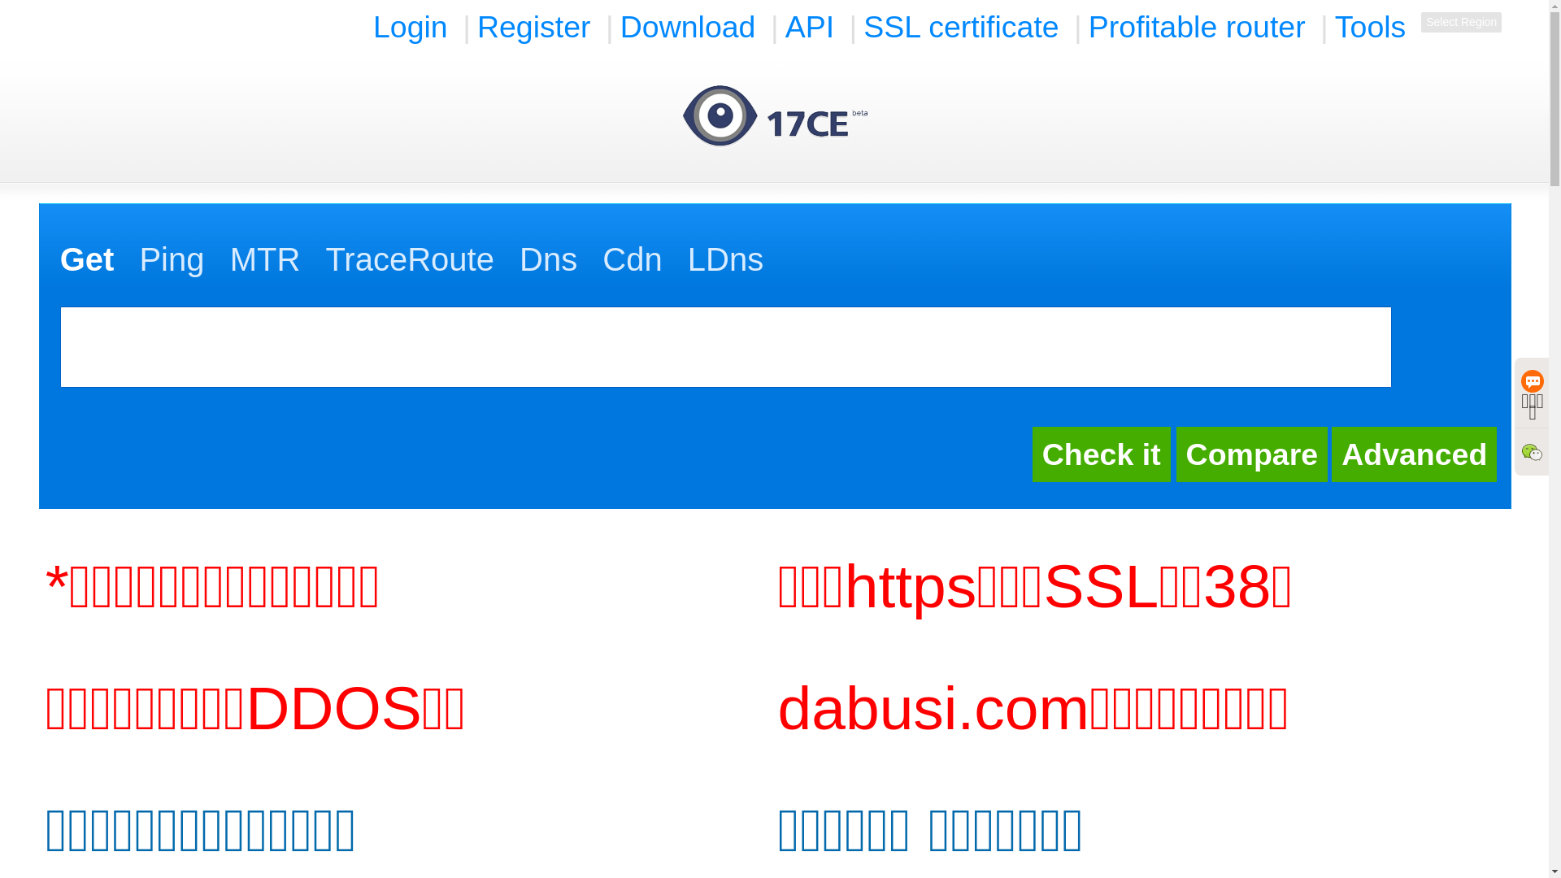 This screenshot has height=878, width=1561. Describe the element at coordinates (548, 259) in the screenshot. I see `'Dns'` at that location.